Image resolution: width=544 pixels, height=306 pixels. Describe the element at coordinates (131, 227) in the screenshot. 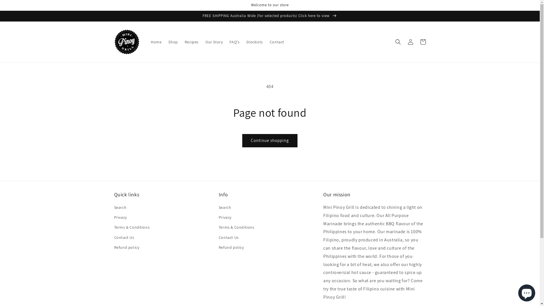

I see `'Terms & Conditions'` at that location.